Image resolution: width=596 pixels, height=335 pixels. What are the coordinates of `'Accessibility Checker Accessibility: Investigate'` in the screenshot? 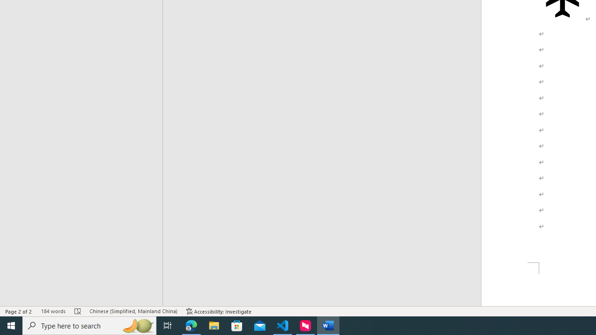 It's located at (218, 311).